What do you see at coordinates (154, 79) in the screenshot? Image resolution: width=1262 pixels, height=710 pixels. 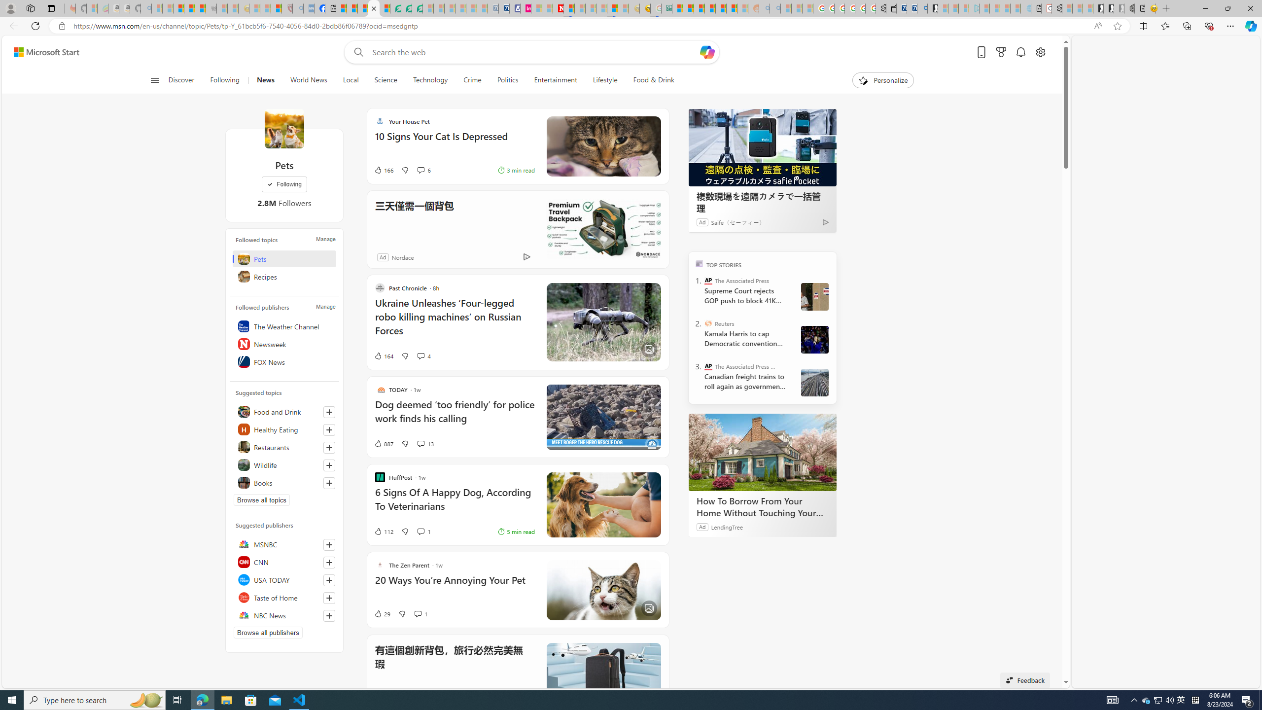 I see `'Open navigation menu'` at bounding box center [154, 79].